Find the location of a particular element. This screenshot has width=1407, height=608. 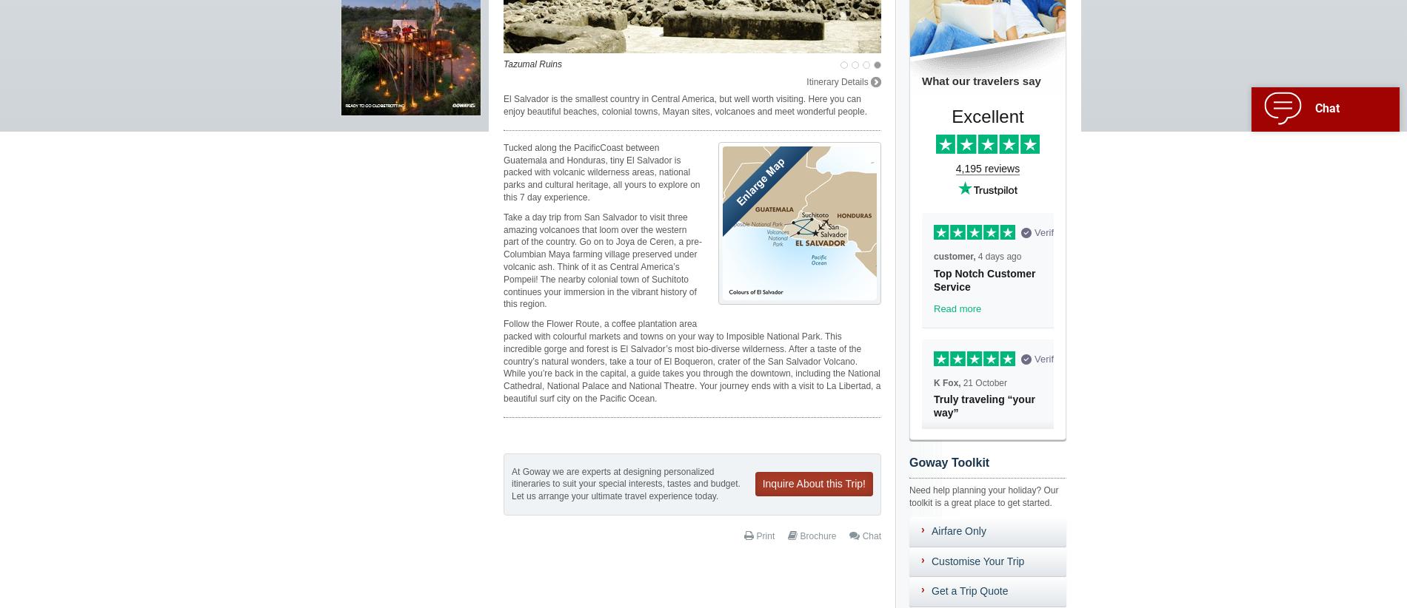

'Itinerary Details' is located at coordinates (838, 81).